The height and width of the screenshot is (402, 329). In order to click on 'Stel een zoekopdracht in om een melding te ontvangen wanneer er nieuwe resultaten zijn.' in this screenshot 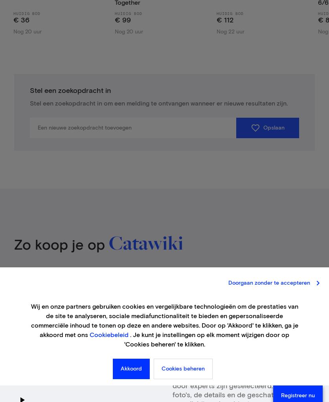, I will do `click(159, 103)`.